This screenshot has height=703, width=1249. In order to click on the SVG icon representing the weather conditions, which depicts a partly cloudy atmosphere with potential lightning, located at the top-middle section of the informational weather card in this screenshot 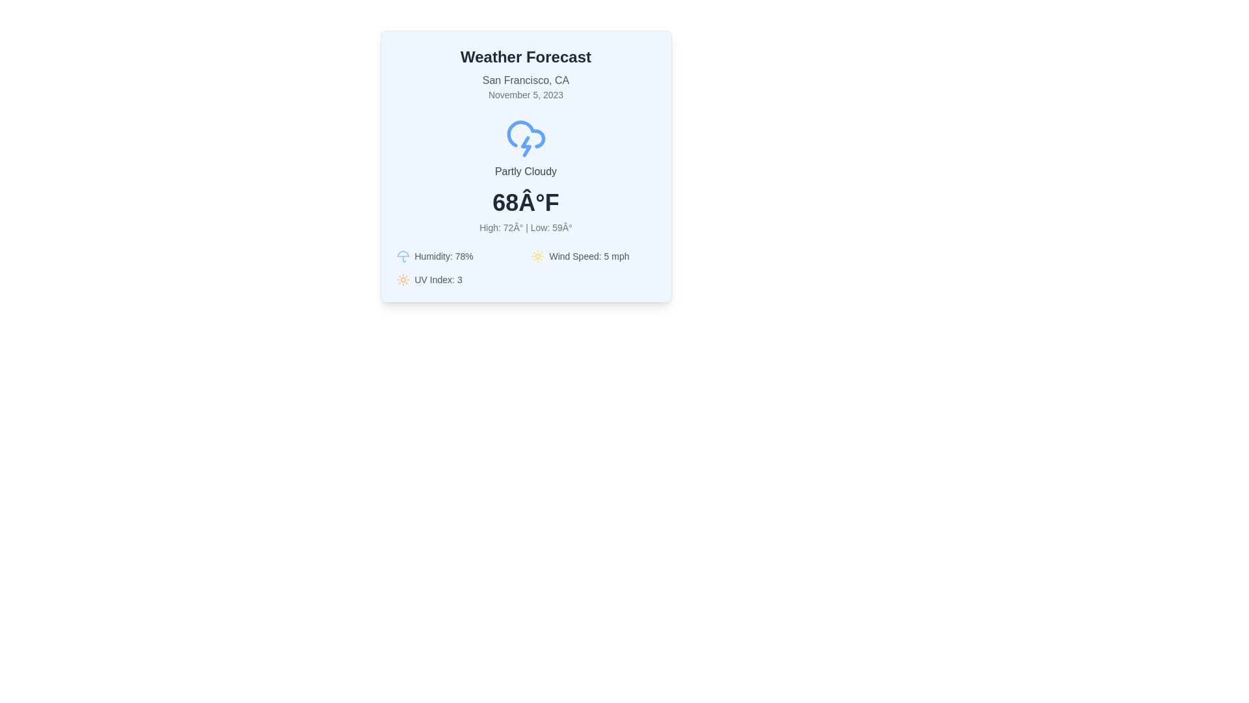, I will do `click(526, 138)`.